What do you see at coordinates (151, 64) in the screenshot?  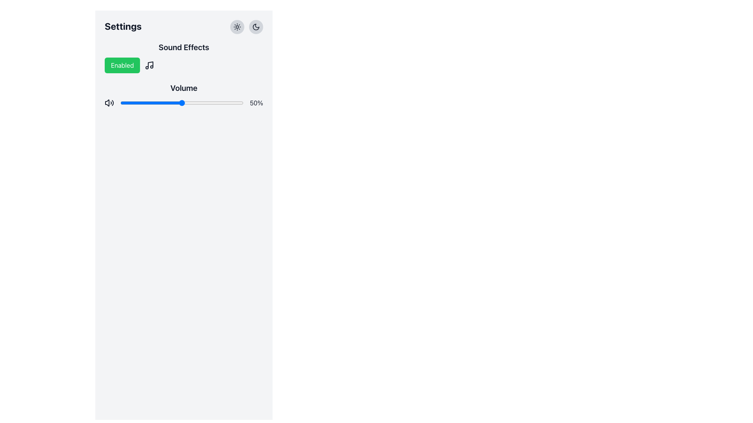 I see `the vertical line of the musical note icon located next to the text 'Sound Effects', which is part of an SVG representation of a musical note` at bounding box center [151, 64].